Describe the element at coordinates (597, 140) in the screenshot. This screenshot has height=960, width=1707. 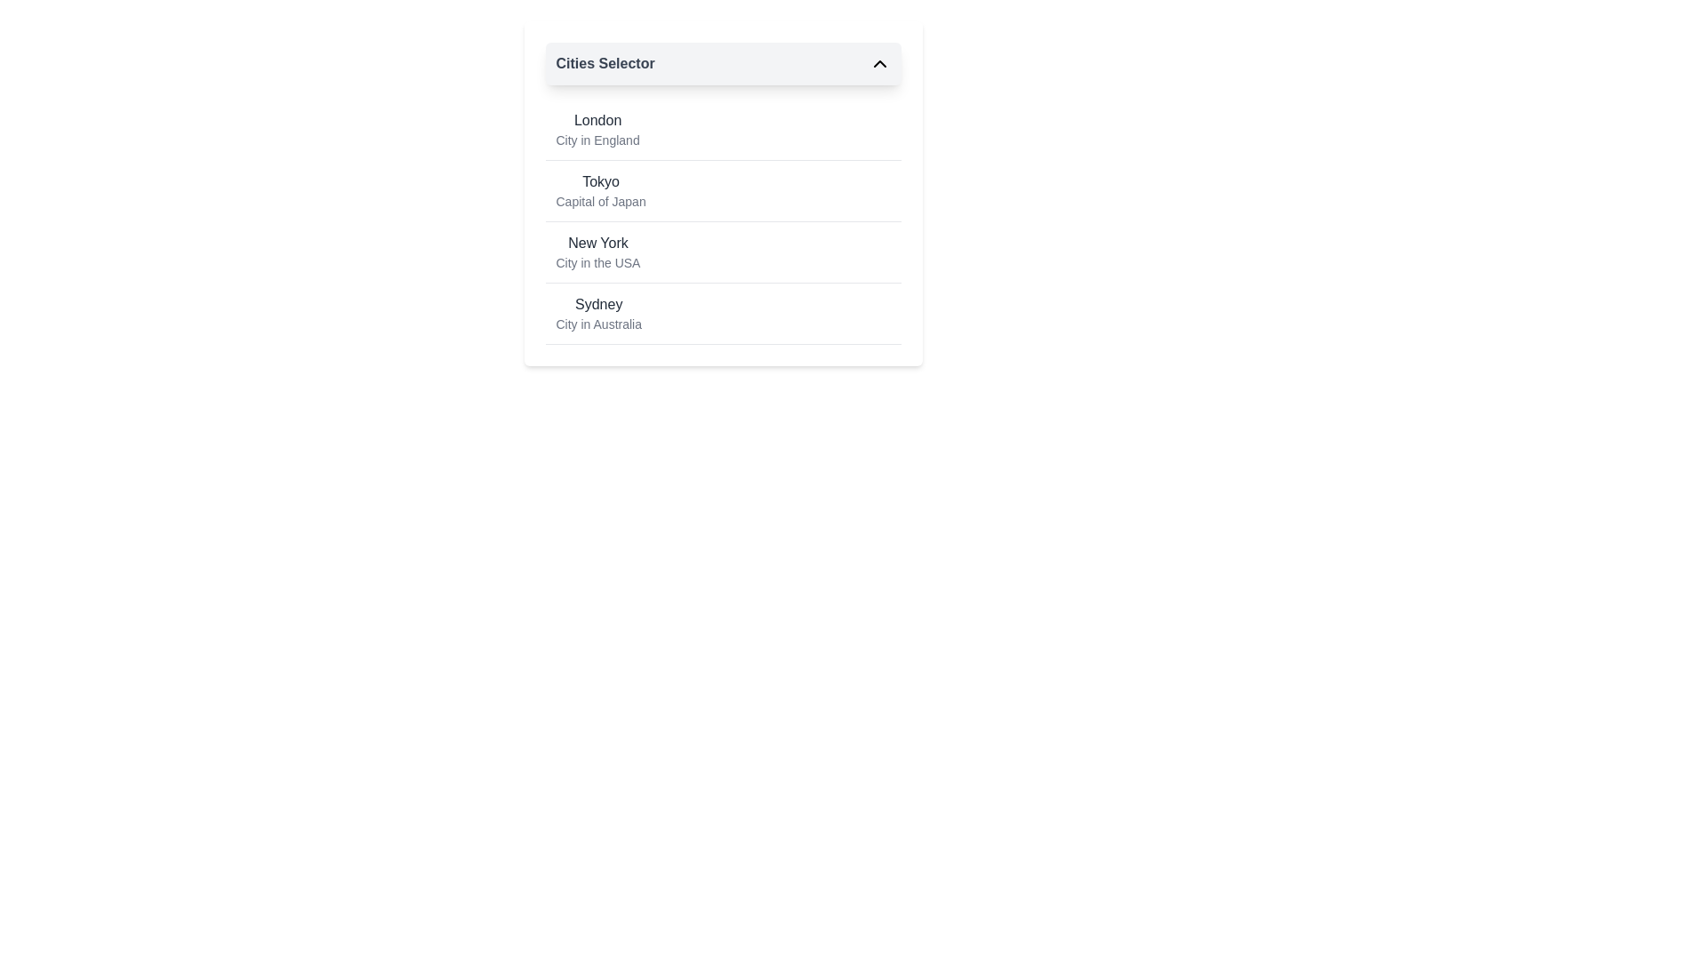
I see `the text label reading 'City in England', which is a smaller, gray-colored text positioned directly below the 'London' label in the 'Cities Selector' dropdown interface` at that location.